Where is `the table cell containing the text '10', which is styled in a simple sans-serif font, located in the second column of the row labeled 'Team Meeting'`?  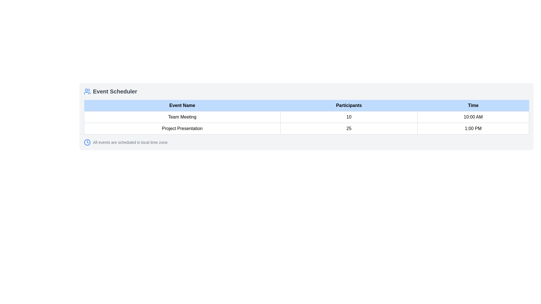 the table cell containing the text '10', which is styled in a simple sans-serif font, located in the second column of the row labeled 'Team Meeting' is located at coordinates (349, 117).